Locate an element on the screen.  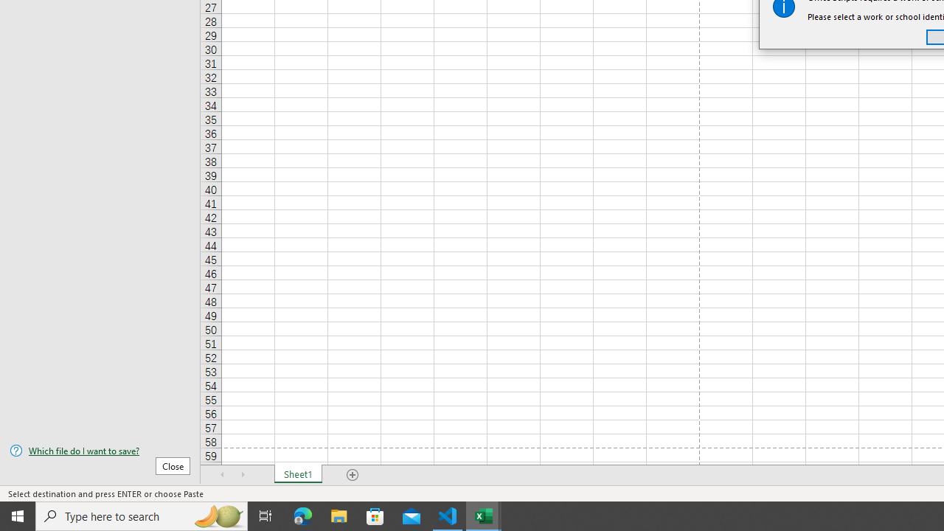
'File Explorer' is located at coordinates (339, 515).